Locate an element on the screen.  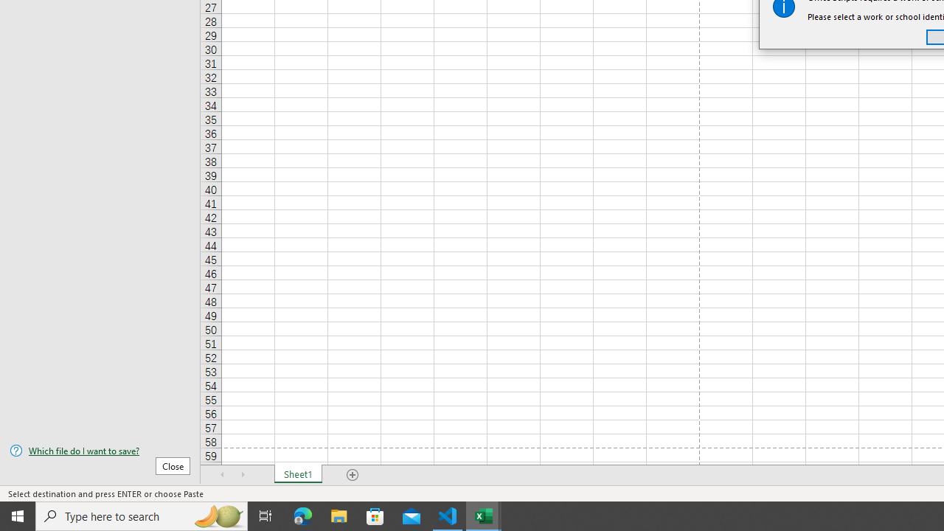
'File Explorer' is located at coordinates (339, 515).